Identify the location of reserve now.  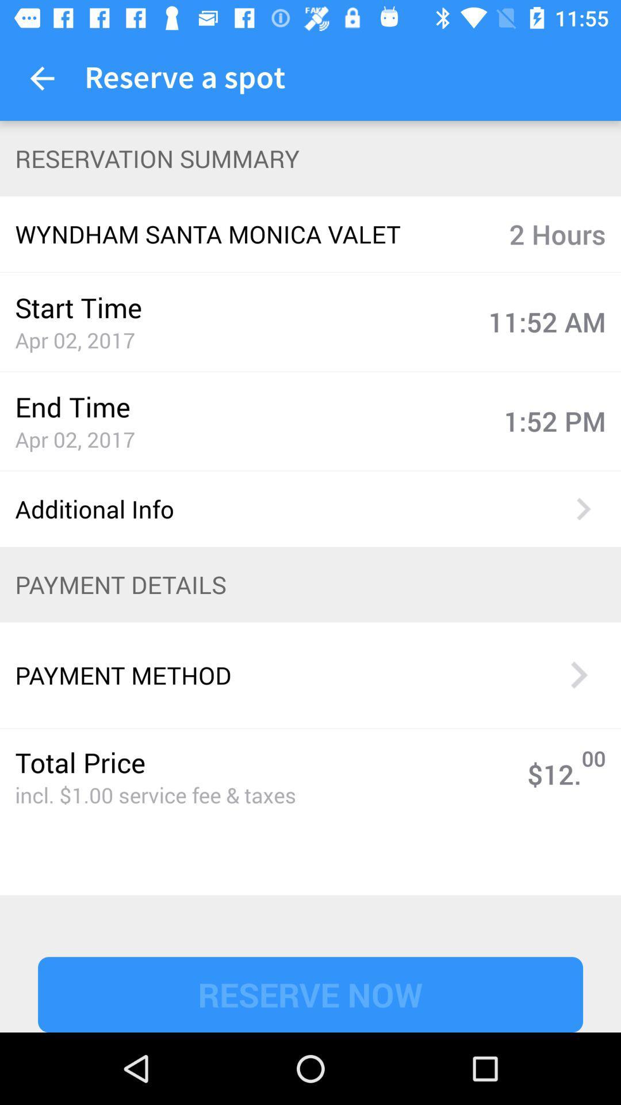
(310, 994).